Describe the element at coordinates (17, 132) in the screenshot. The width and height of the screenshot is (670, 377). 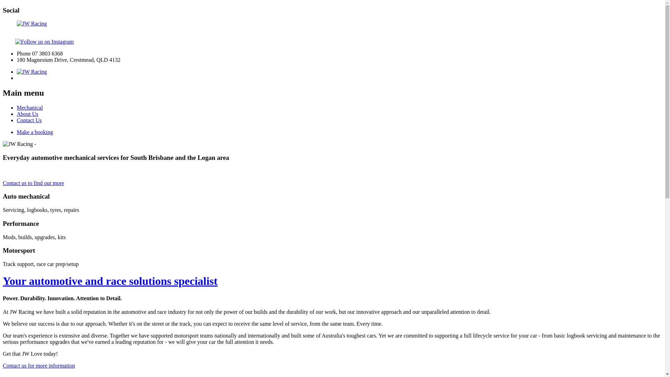
I see `'Make a booking'` at that location.